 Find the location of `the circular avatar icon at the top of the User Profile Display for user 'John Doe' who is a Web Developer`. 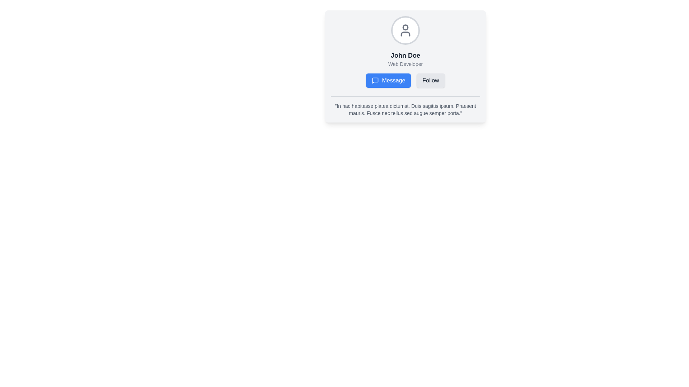

the circular avatar icon at the top of the User Profile Display for user 'John Doe' who is a Web Developer is located at coordinates (405, 52).